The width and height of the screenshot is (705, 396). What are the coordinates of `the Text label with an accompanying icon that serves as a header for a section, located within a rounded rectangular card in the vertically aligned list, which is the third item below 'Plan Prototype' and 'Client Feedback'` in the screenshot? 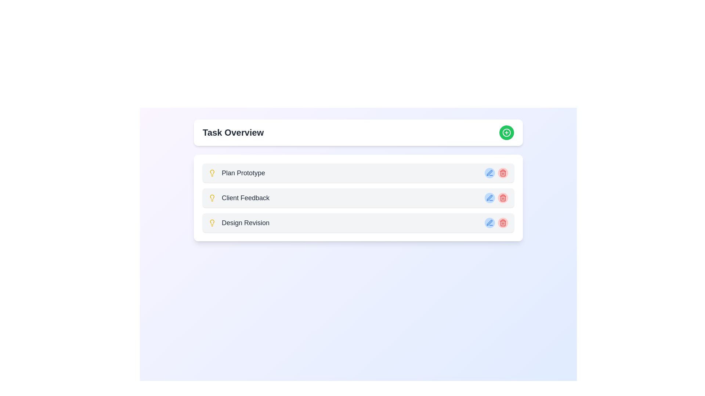 It's located at (239, 223).